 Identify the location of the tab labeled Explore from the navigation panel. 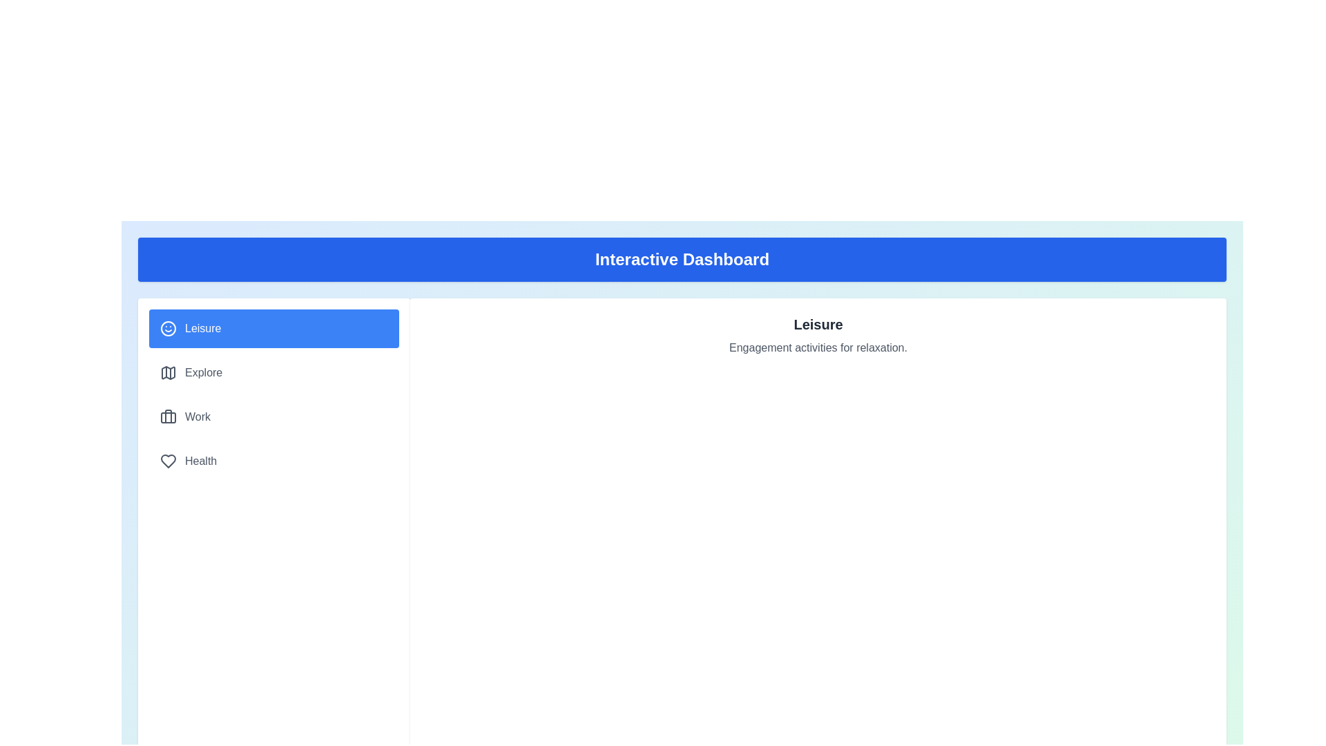
(274, 373).